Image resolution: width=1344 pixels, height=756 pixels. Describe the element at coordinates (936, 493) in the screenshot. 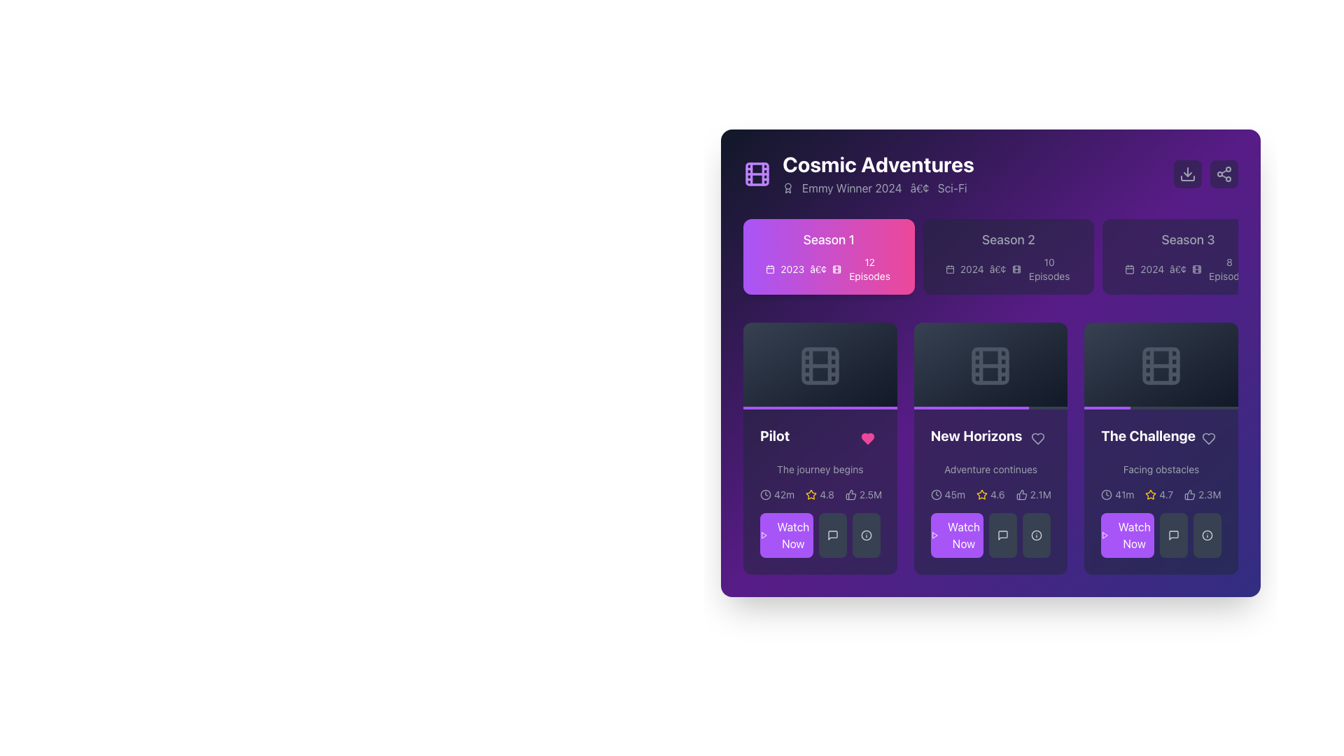

I see `the circular clock icon that features a minimalist design with clock hands, located to the left of the '45m' text in the 'New Horizons' card section` at that location.